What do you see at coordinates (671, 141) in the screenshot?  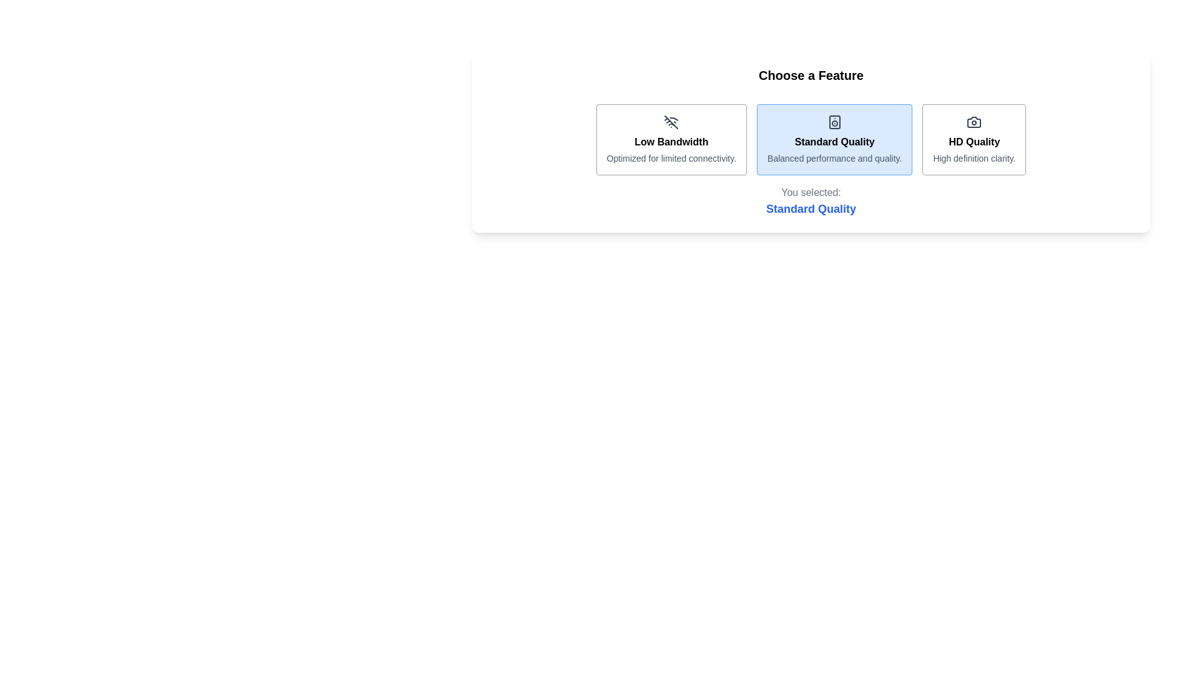 I see `the 'Low Bandwidth' text label` at bounding box center [671, 141].